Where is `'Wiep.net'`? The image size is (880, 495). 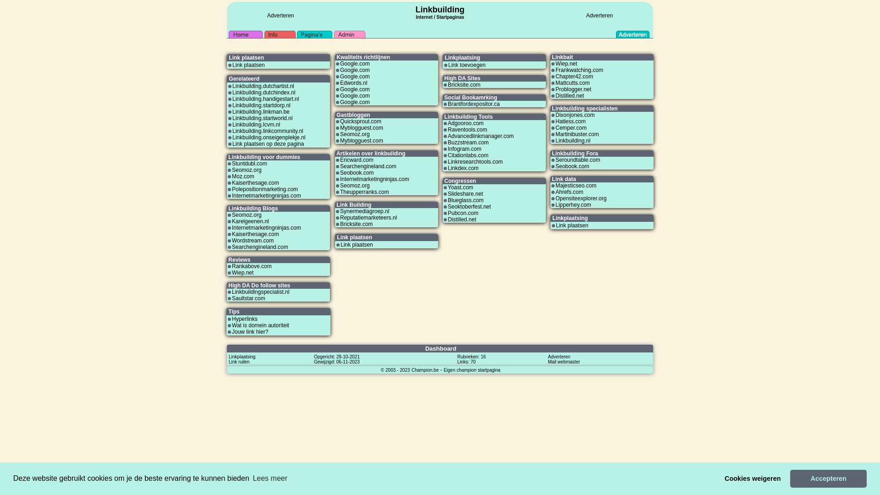
'Wiep.net' is located at coordinates (242, 272).